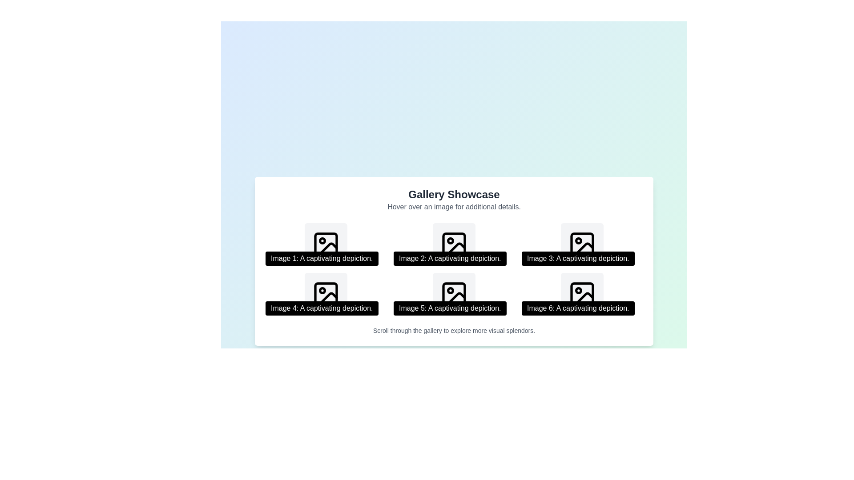 The image size is (854, 480). I want to click on the tooltip-style Text Label reading 'Image 6: A captivating depiction.' which is located at the bottom right of the grid display, directly above the sixth image, so click(578, 308).